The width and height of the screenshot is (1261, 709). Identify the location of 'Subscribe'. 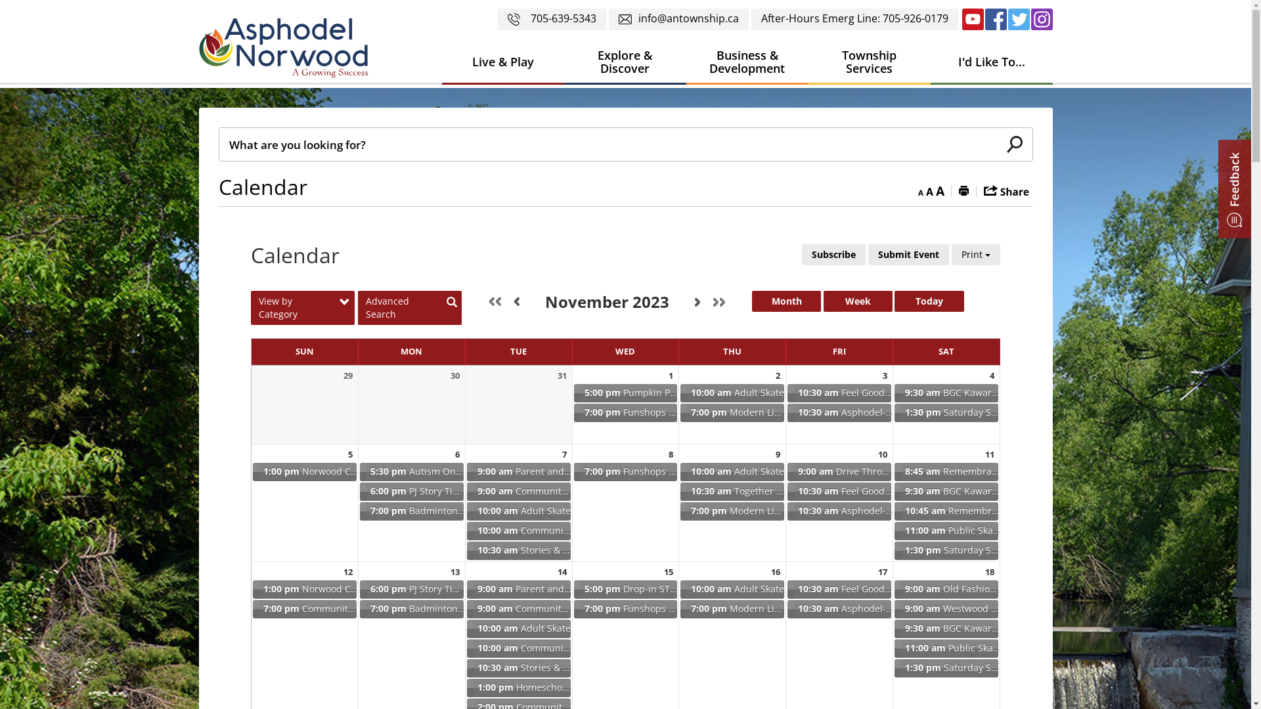
(801, 255).